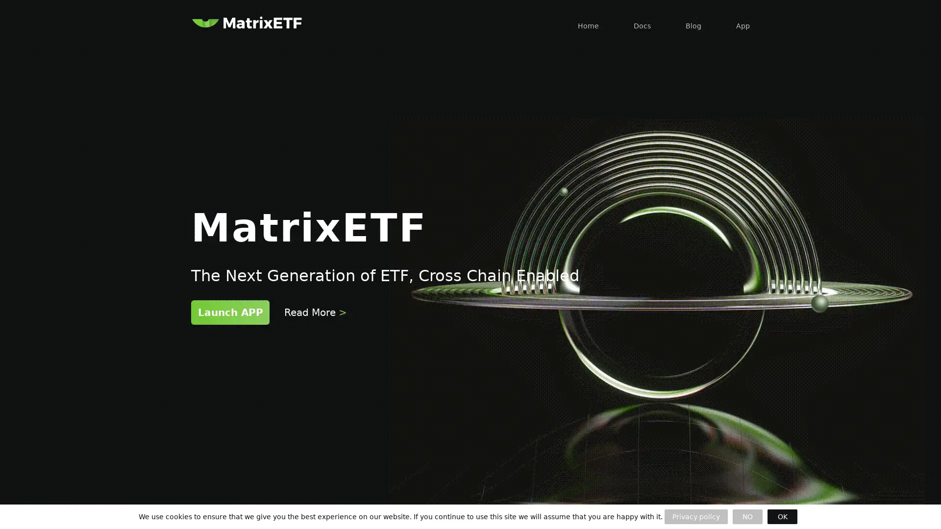 This screenshot has height=529, width=941. Describe the element at coordinates (782, 516) in the screenshot. I see `OK` at that location.